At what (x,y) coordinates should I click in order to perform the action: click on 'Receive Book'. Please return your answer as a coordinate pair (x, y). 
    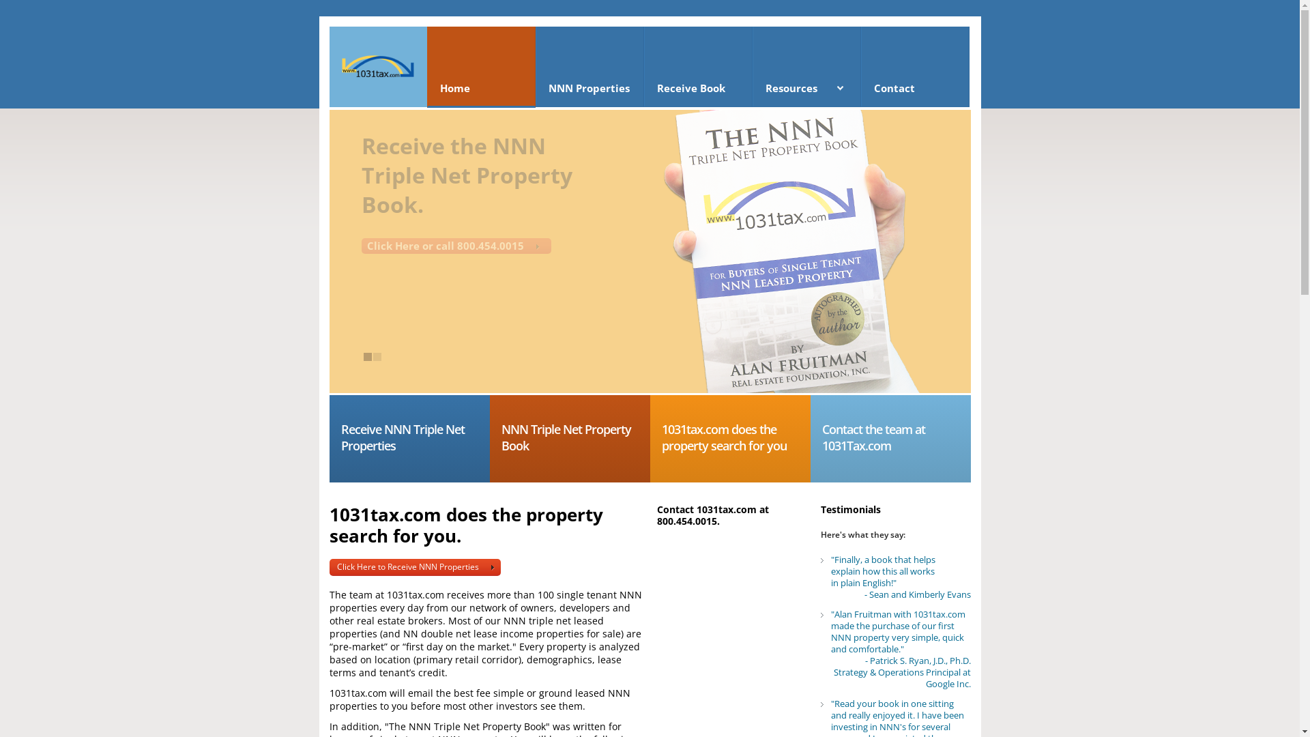
    Looking at the image, I should click on (643, 66).